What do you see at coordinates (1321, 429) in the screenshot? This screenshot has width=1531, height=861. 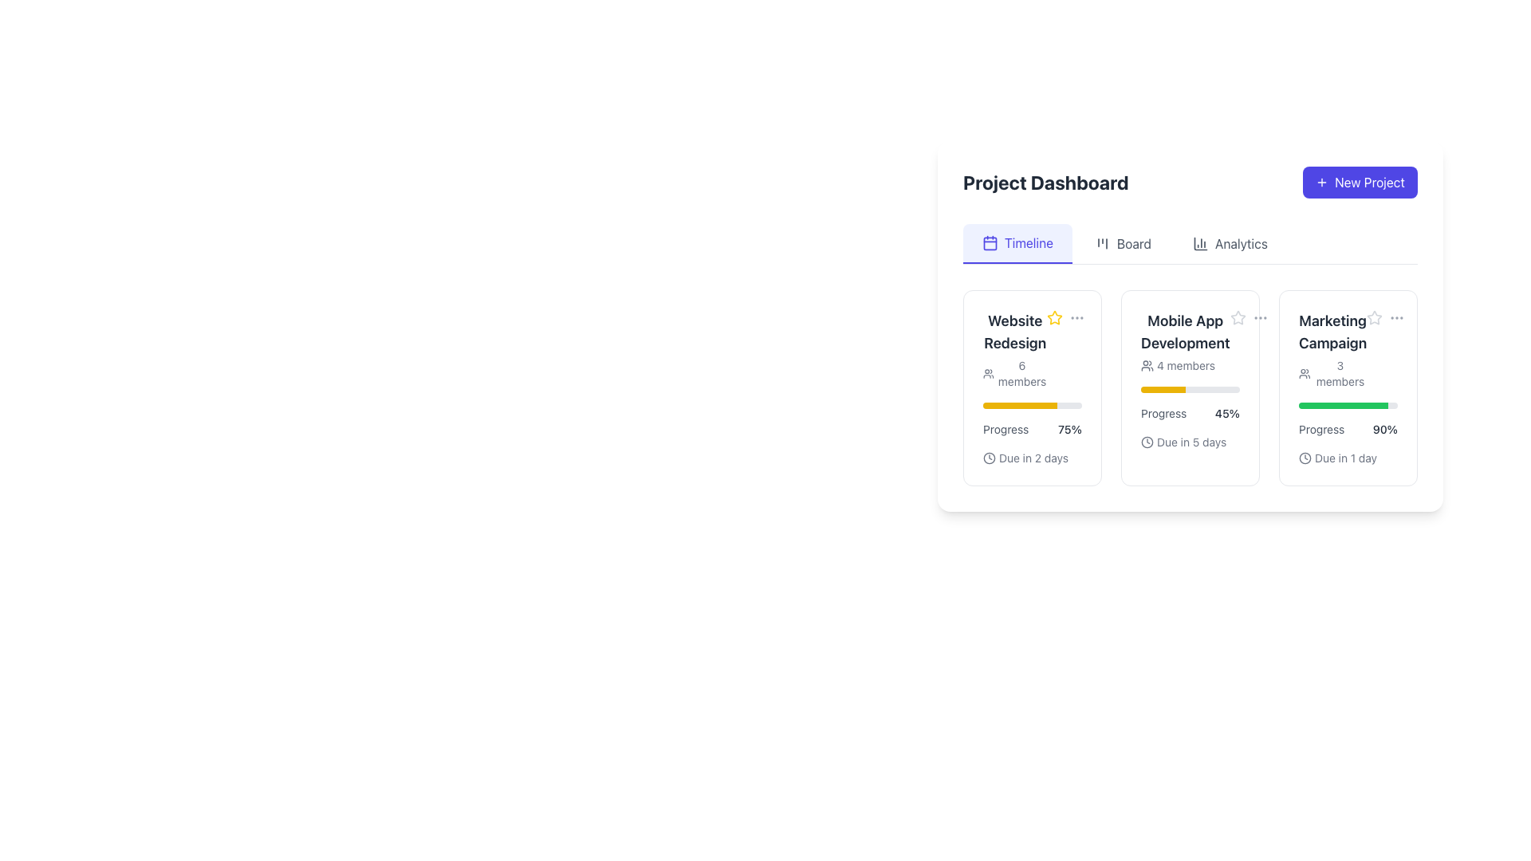 I see `the Text Label that indicates the progress status above the '90%' text in the 'Marketing Campaign' card on the dashboard` at bounding box center [1321, 429].